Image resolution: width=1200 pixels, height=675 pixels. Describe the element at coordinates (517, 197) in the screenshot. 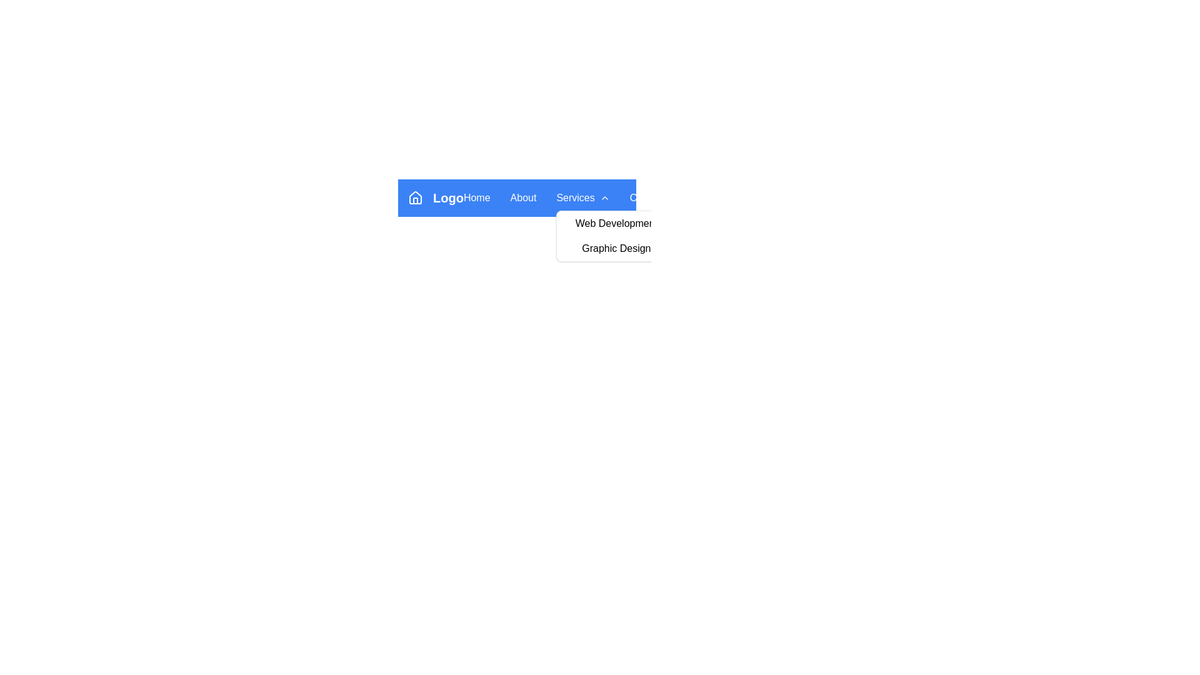

I see `the navigational link element in the navigation bar` at that location.